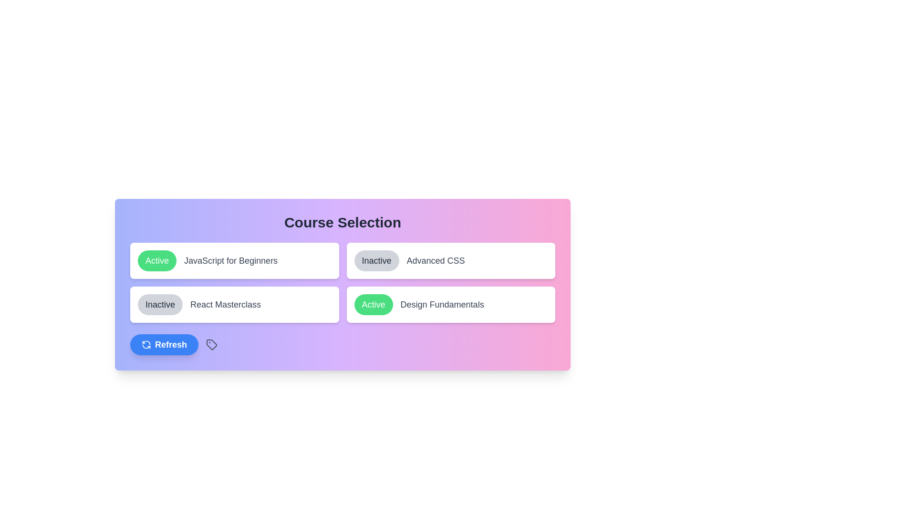  I want to click on the button indicating the status of the course 'JavaScript for Beginners', so click(157, 261).